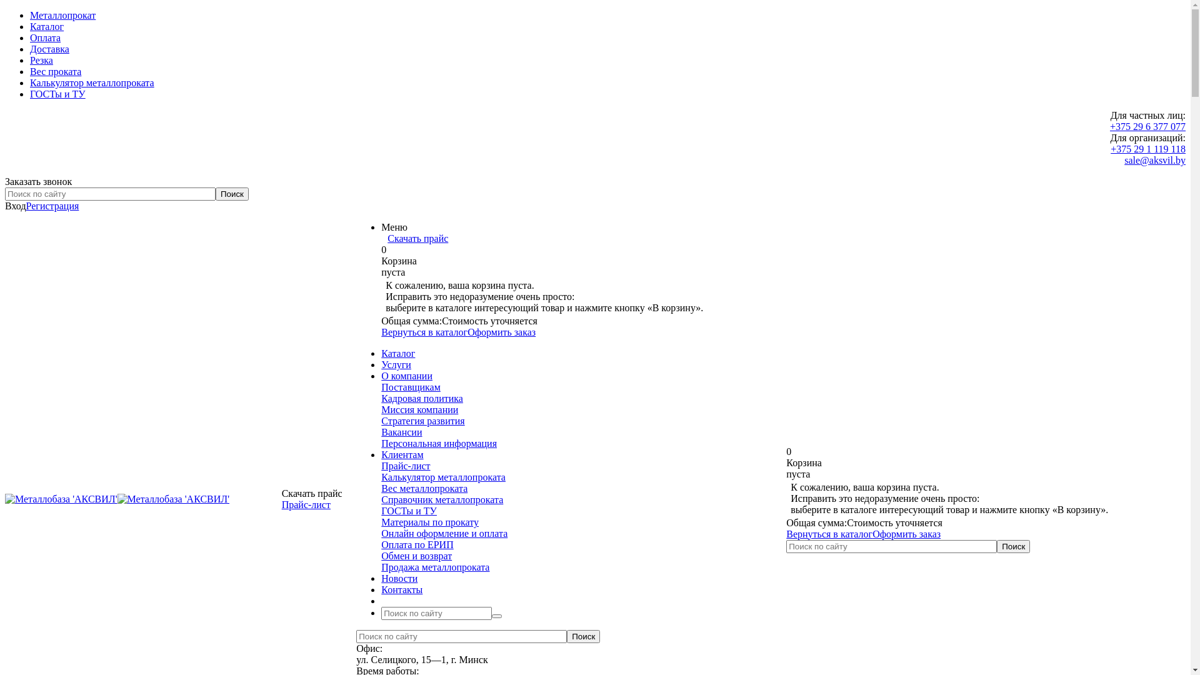 The width and height of the screenshot is (1200, 675). Describe the element at coordinates (1110, 148) in the screenshot. I see `'+375 29 1 119 118'` at that location.